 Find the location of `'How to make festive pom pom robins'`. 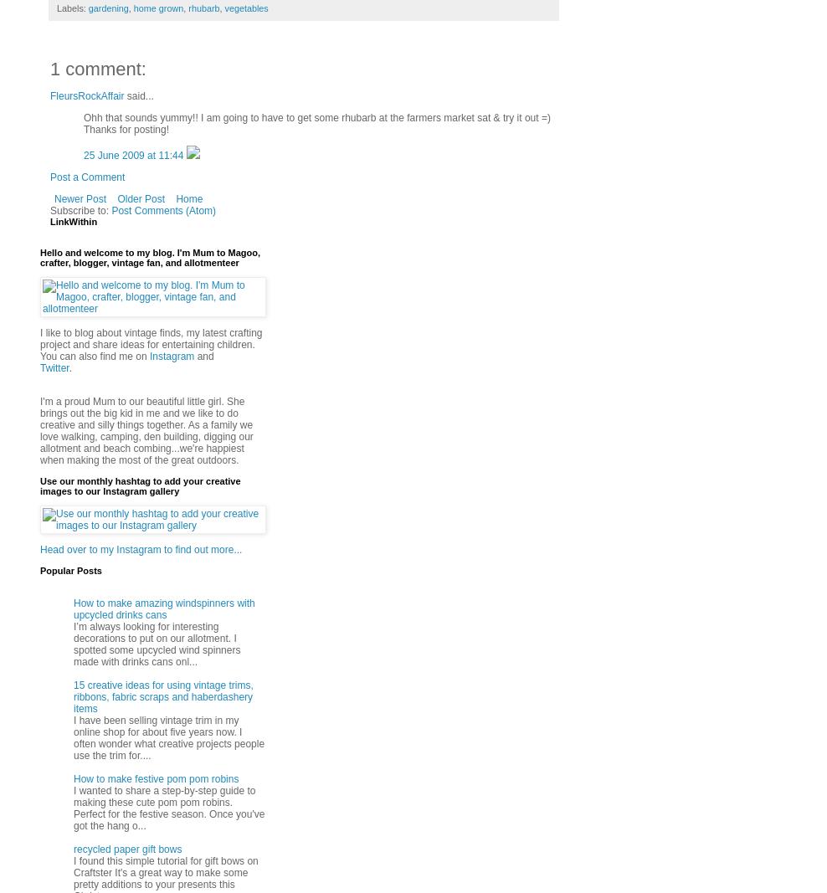

'How to make festive pom pom robins' is located at coordinates (156, 778).